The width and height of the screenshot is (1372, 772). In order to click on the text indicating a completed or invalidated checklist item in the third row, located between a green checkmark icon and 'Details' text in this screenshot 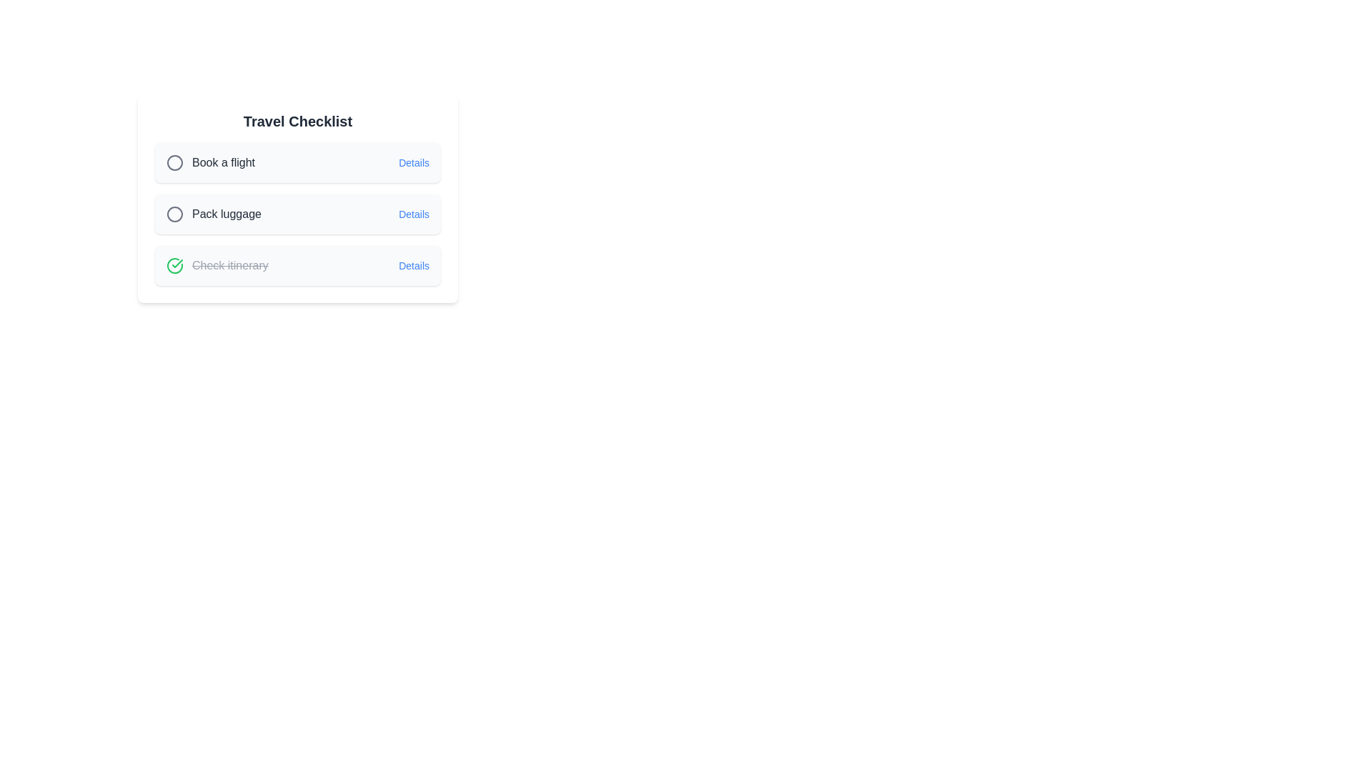, I will do `click(230, 265)`.